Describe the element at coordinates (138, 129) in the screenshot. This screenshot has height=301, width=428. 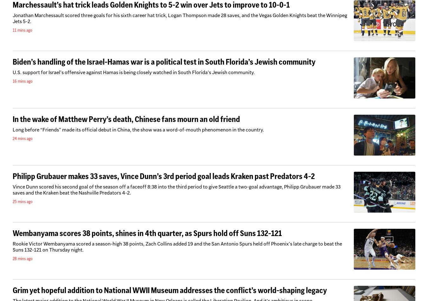
I see `'Long before “Friends” made its official debut in China, the show was a word-of-mouth phenomenon in the country.'` at that location.